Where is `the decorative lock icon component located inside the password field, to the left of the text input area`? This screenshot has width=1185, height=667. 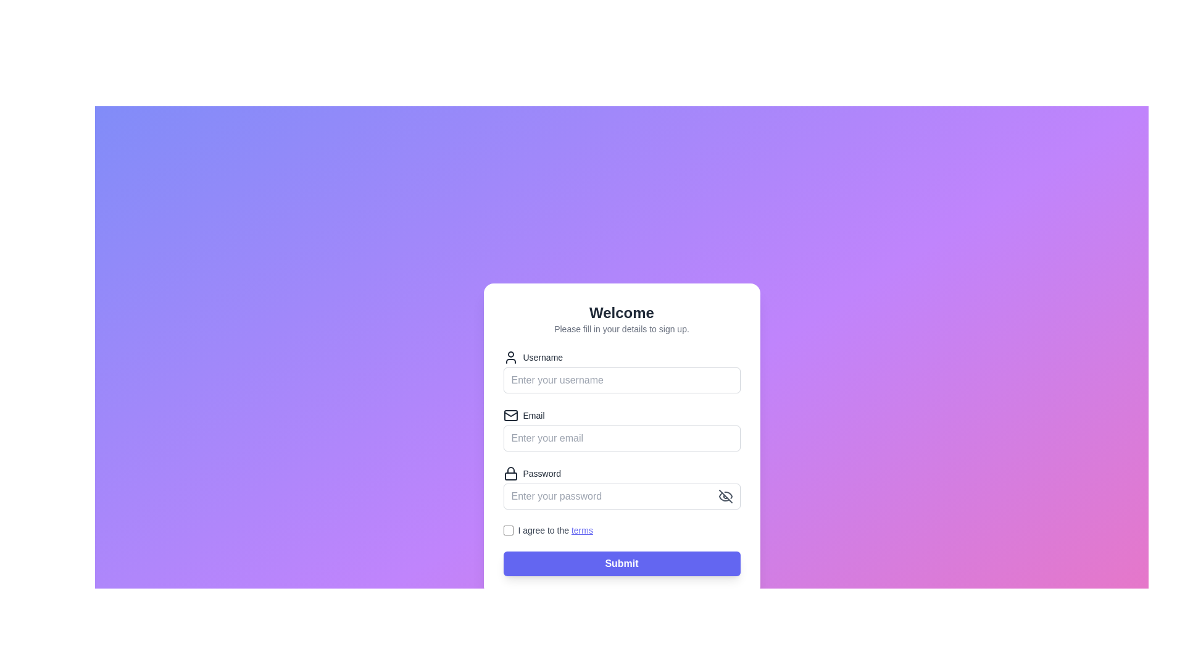 the decorative lock icon component located inside the password field, to the left of the text input area is located at coordinates (510, 476).